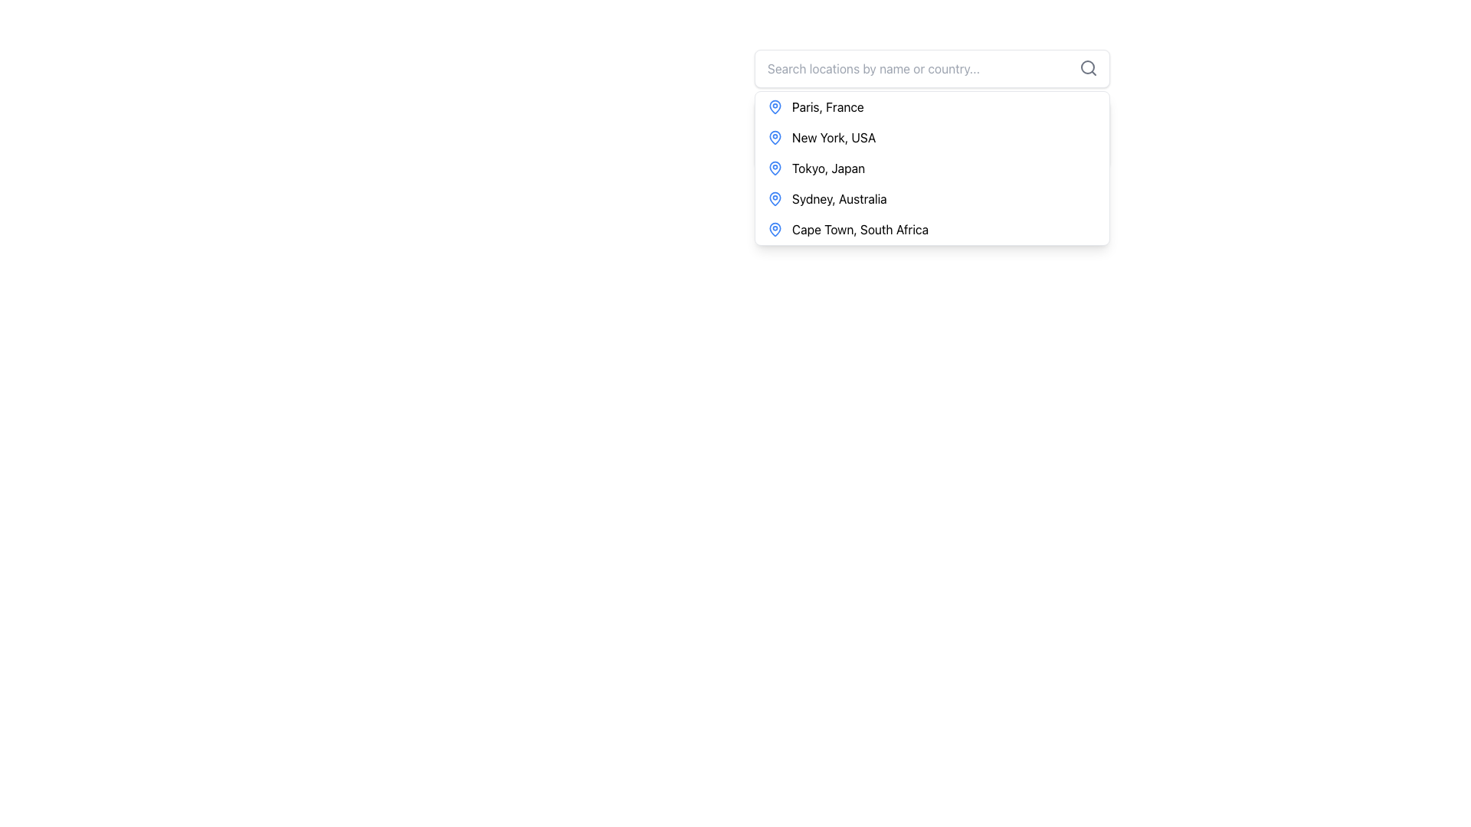 This screenshot has width=1471, height=827. I want to click on location icon to the left of the text label 'Cape Town, South Africa' in the dropdown list, so click(775, 230).